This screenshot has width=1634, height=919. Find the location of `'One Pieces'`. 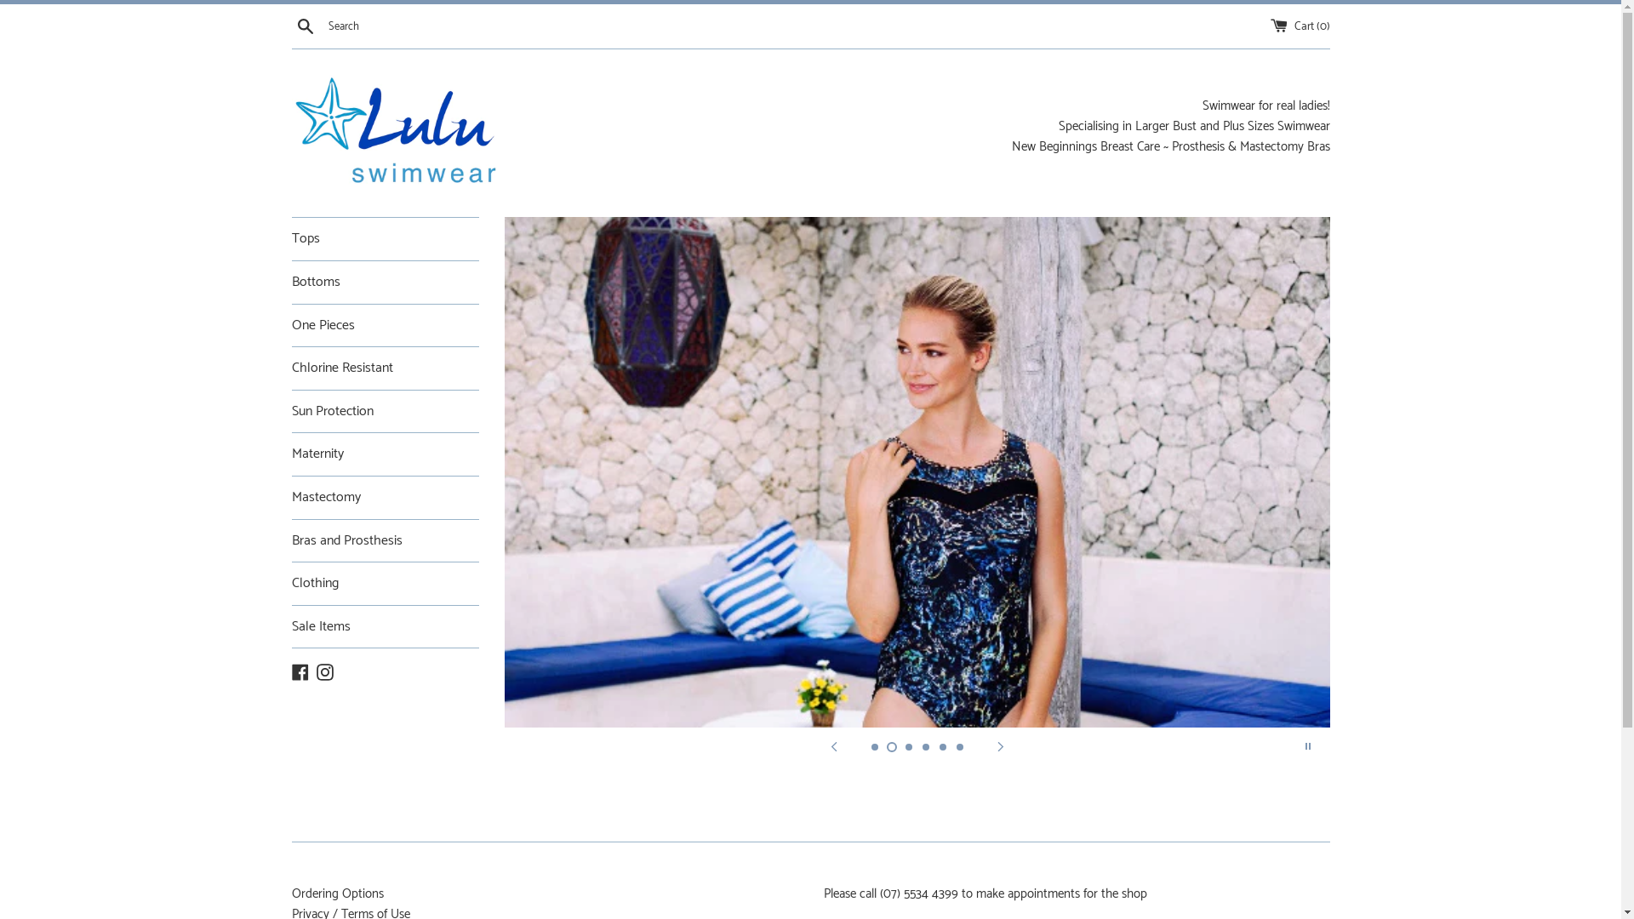

'One Pieces' is located at coordinates (383, 325).